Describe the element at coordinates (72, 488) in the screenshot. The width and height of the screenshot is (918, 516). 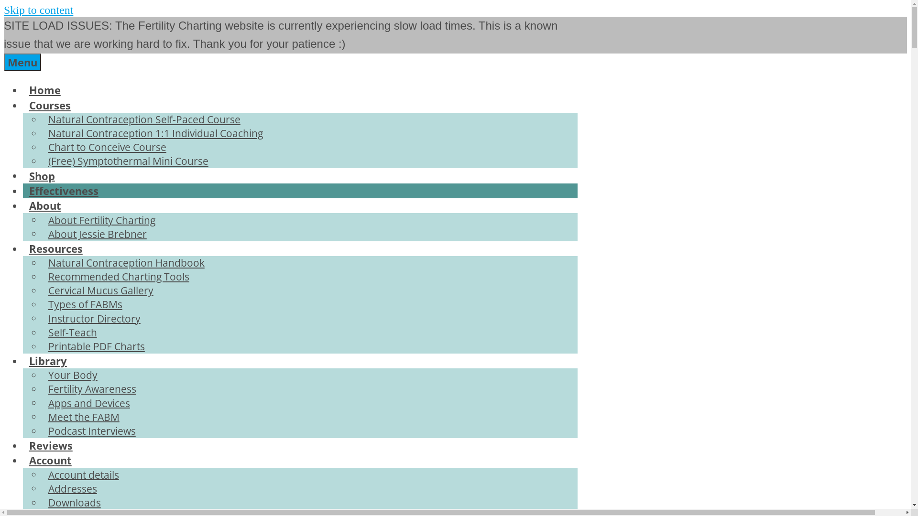
I see `'Addresses'` at that location.